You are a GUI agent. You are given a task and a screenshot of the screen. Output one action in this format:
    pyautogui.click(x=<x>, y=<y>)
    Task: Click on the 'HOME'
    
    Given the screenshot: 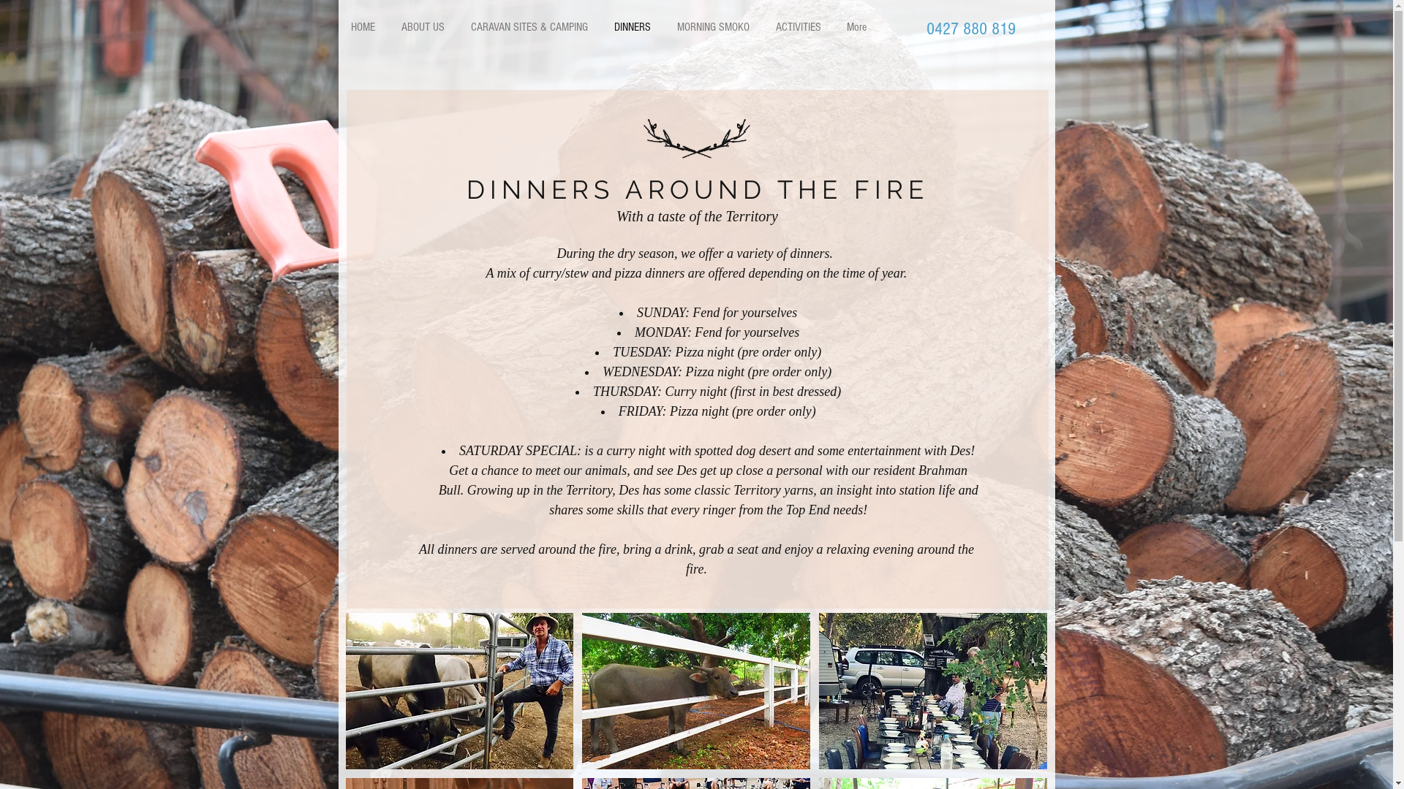 What is the action you would take?
    pyautogui.click(x=362, y=27)
    